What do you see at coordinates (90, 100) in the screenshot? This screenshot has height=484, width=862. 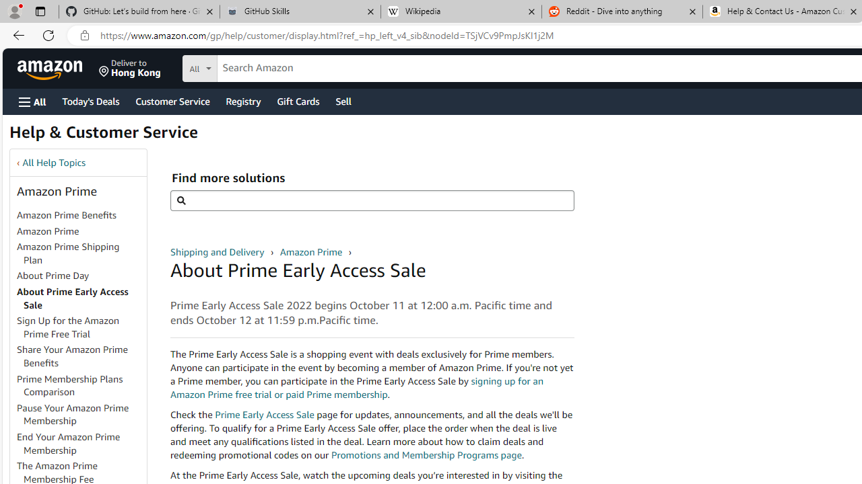 I see `'Today'` at bounding box center [90, 100].